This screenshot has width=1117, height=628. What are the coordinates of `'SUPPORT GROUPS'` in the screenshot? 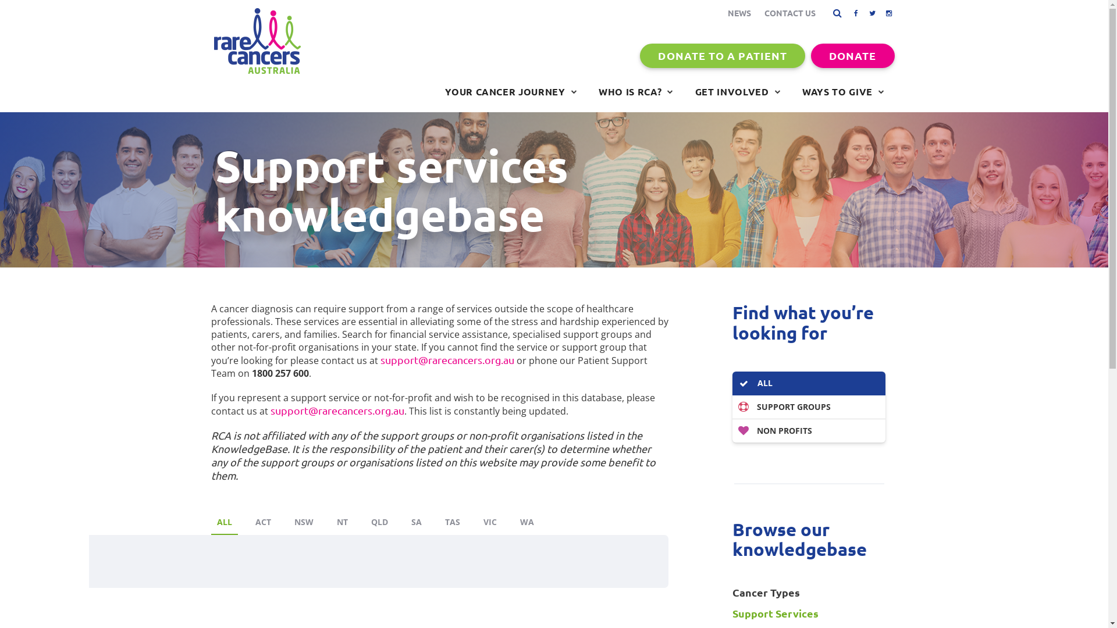 It's located at (808, 406).